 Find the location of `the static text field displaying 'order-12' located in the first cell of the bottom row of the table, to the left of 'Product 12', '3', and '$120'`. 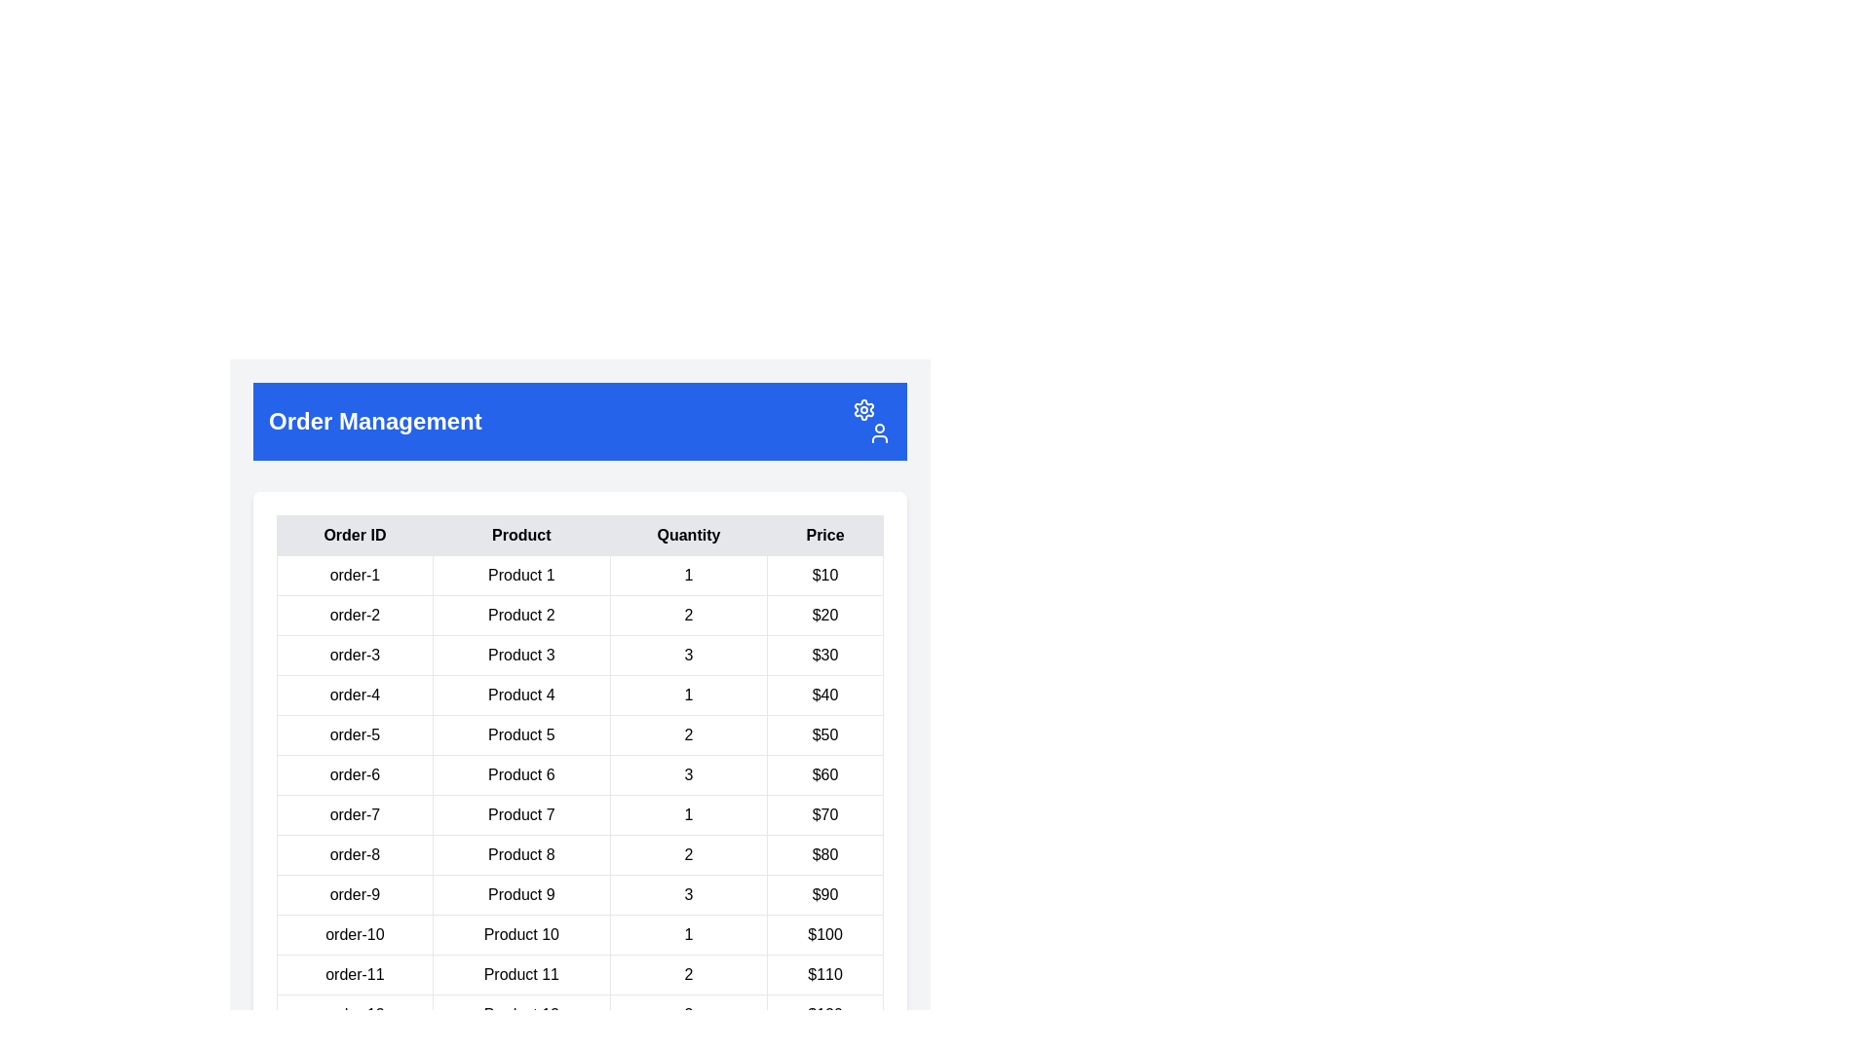

the static text field displaying 'order-12' located in the first cell of the bottom row of the table, to the left of 'Product 12', '3', and '$120' is located at coordinates (355, 1013).